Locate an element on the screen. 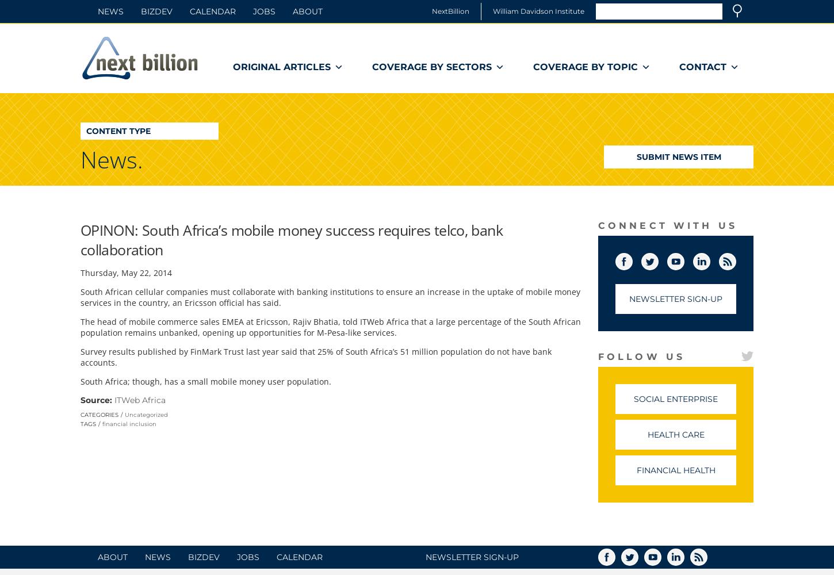  'OPINON: South Africa’s mobile money success requires telco, bank collaboration' is located at coordinates (80, 240).